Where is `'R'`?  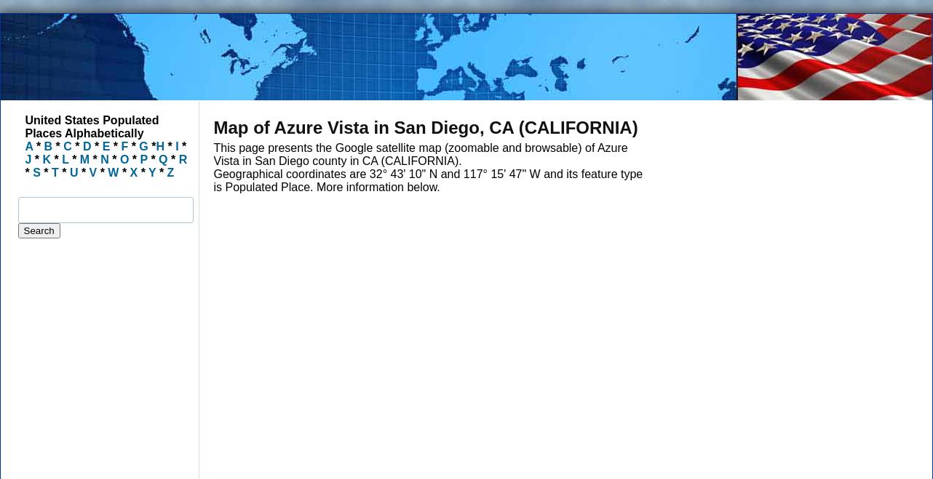 'R' is located at coordinates (178, 159).